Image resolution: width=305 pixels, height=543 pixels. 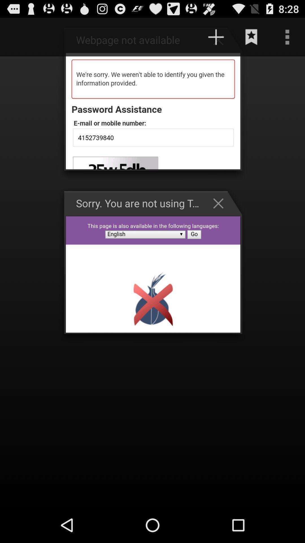 What do you see at coordinates (221, 42) in the screenshot?
I see `the add icon` at bounding box center [221, 42].